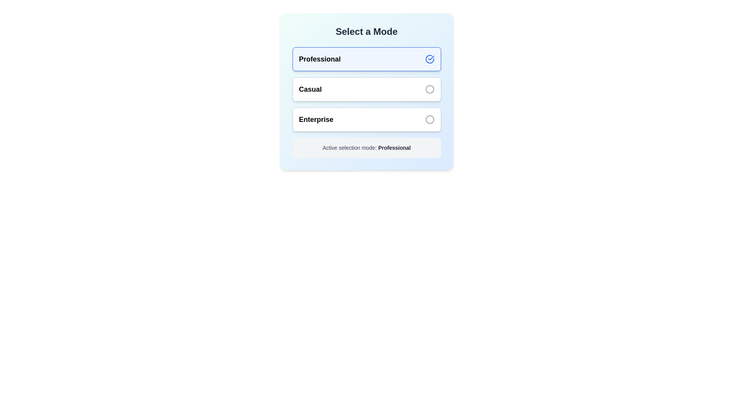 The height and width of the screenshot is (418, 743). I want to click on the circular icon with a blue border and a checkmark at its center located in the top-right corner of the 'Professional' selection card, so click(429, 59).